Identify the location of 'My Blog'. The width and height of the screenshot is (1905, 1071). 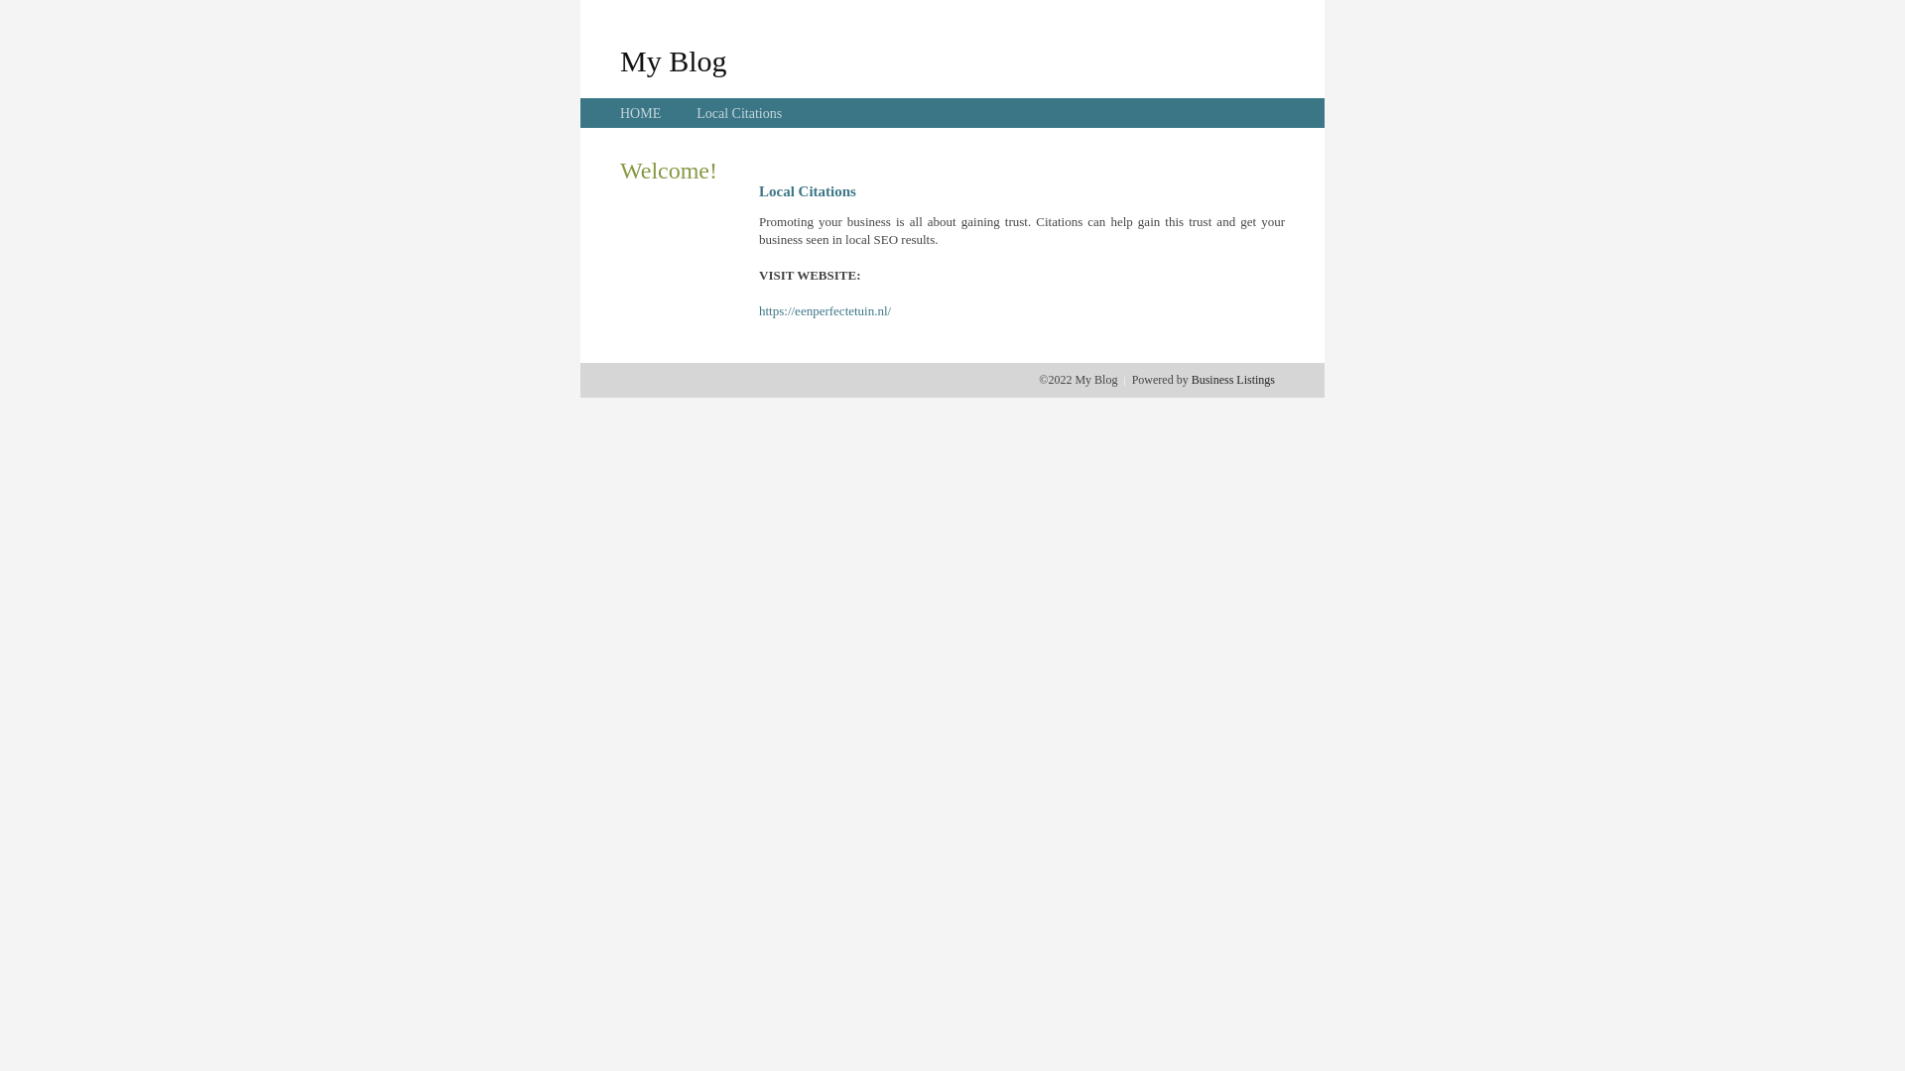
(673, 59).